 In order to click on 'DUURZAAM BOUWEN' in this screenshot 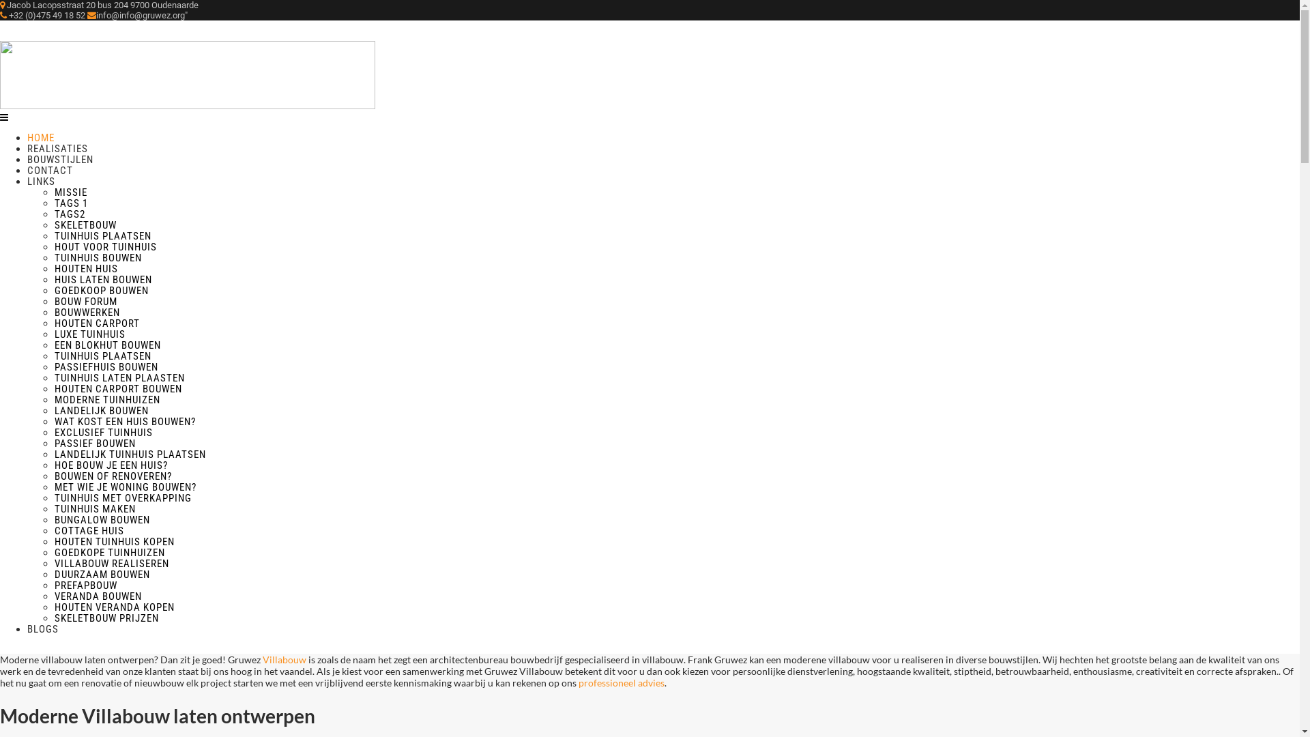, I will do `click(101, 574)`.